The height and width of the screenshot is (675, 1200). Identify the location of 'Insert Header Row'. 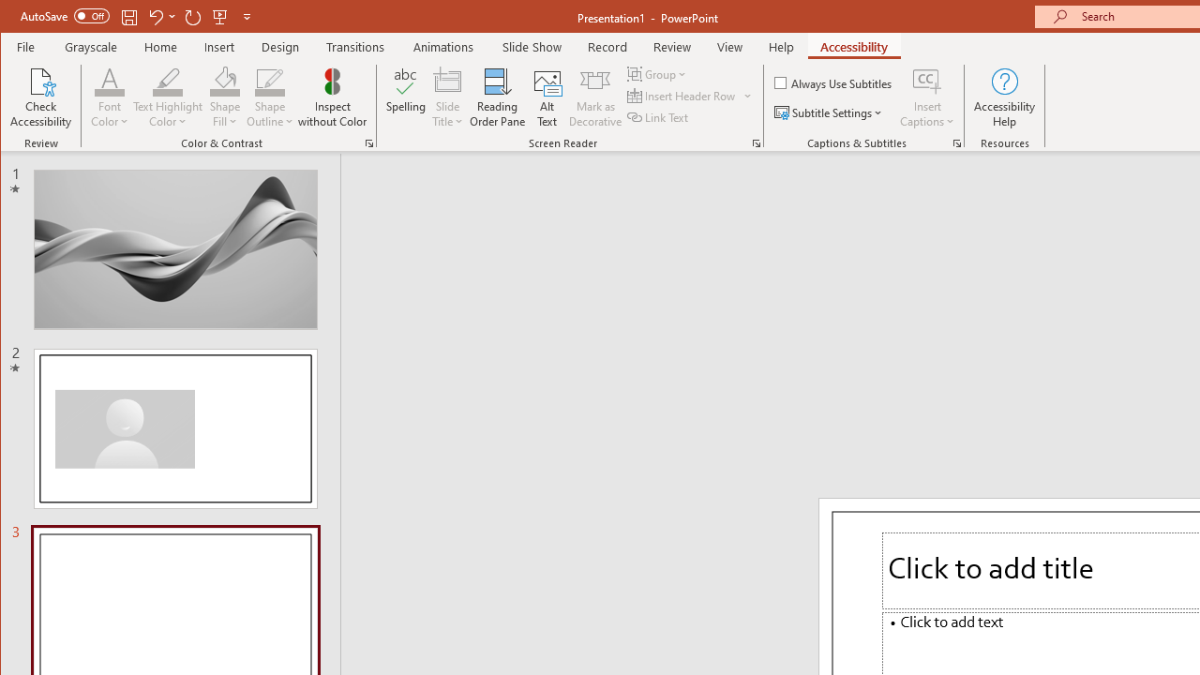
(689, 96).